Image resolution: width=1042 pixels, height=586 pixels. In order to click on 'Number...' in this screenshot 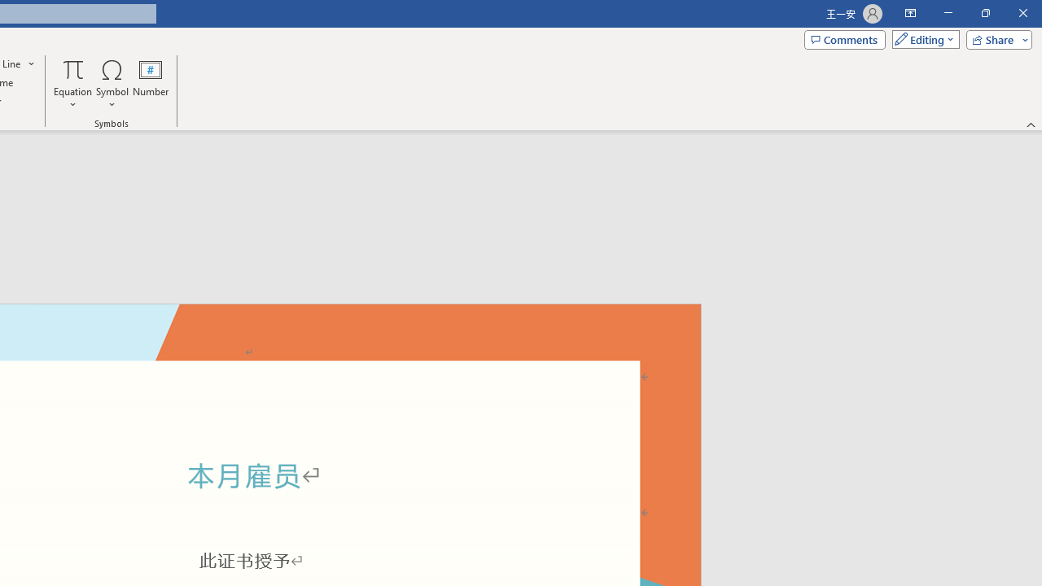, I will do `click(151, 84)`.